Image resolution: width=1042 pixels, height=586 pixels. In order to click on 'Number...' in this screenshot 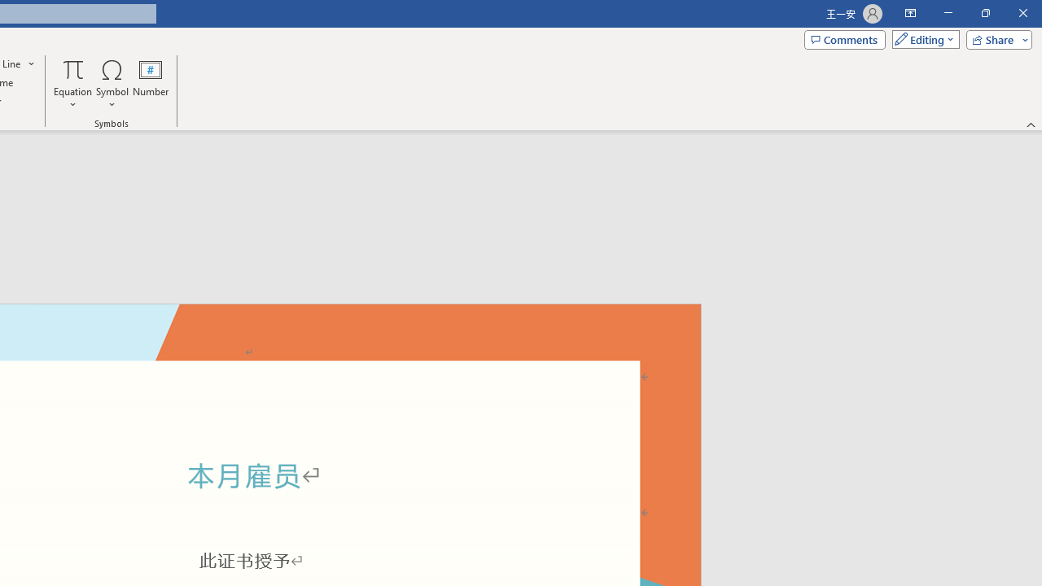, I will do `click(151, 84)`.